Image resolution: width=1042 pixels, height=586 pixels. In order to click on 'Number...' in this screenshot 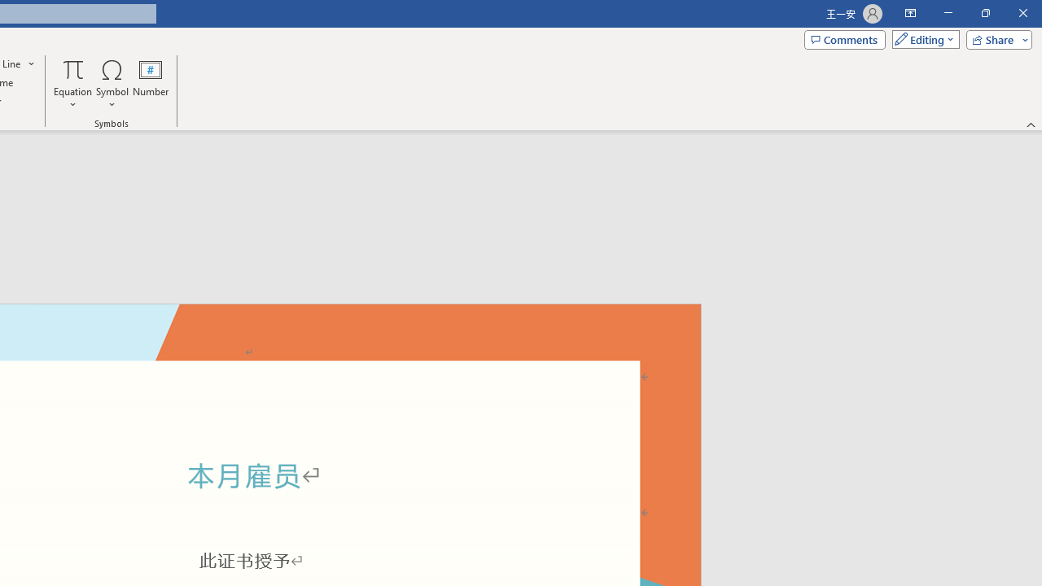, I will do `click(151, 84)`.